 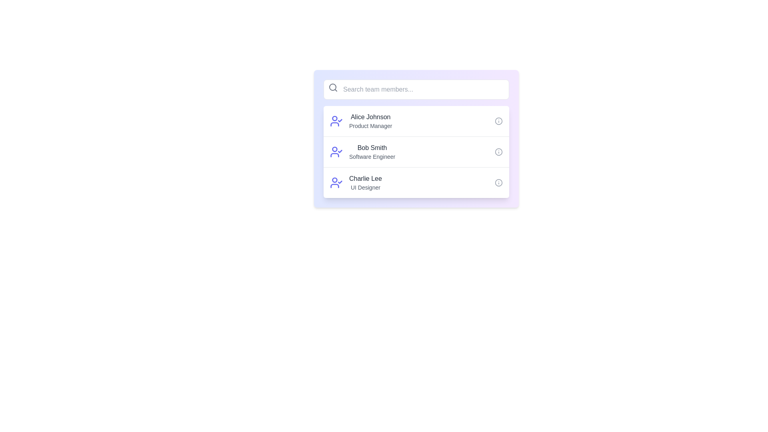 What do you see at coordinates (370, 126) in the screenshot?
I see `text displayed in the 'Product Manager' text label, which is styled with a small, gray font and located below the name 'Alice Johnson' in the first item of the list` at bounding box center [370, 126].